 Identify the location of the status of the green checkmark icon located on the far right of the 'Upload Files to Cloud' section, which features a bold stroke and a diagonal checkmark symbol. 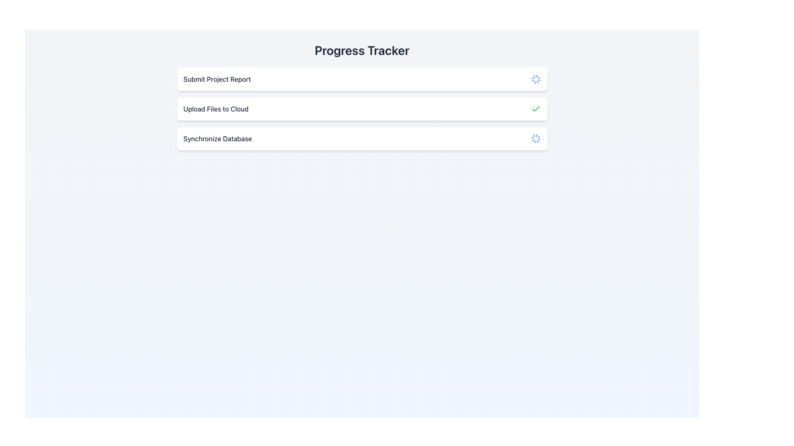
(536, 108).